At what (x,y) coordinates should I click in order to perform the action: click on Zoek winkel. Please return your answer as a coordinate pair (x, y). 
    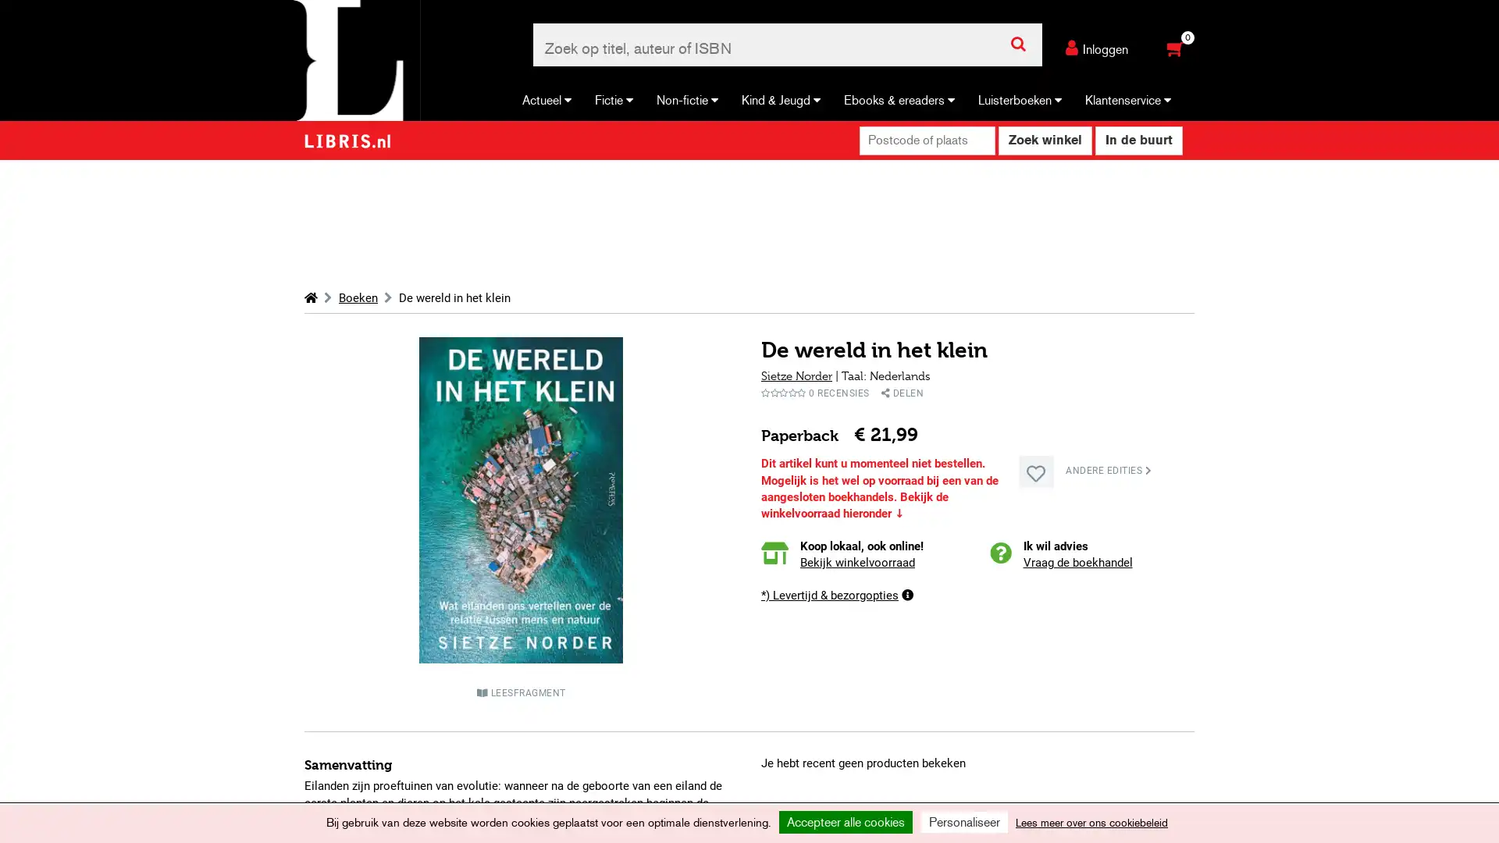
    Looking at the image, I should click on (1045, 140).